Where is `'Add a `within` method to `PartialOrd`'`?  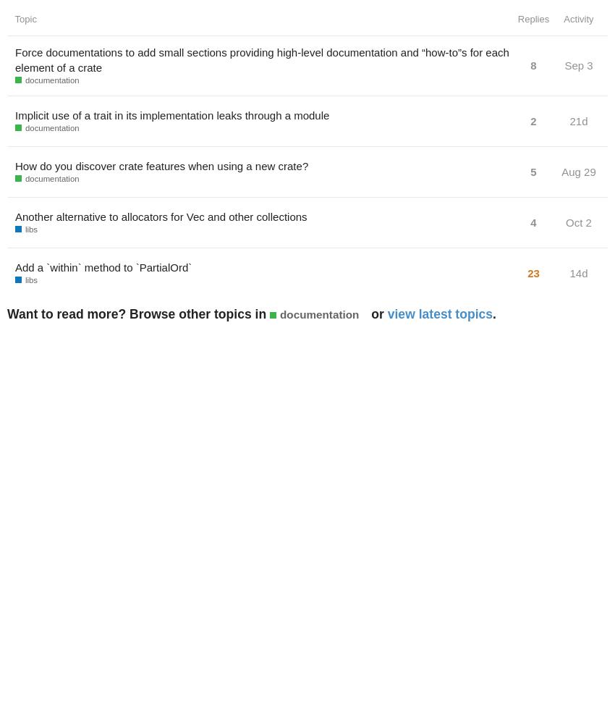 'Add a `within` method to `PartialOrd`' is located at coordinates (14, 266).